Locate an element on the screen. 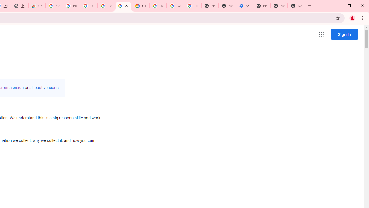  'Chrome Web Store - Color themes by Chrome' is located at coordinates (37, 6).